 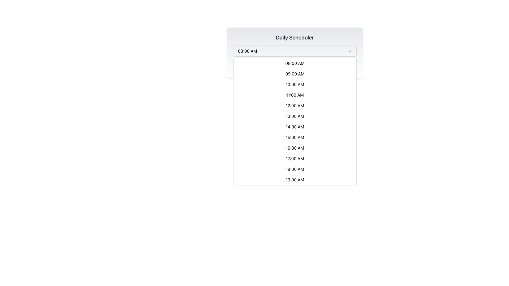 I want to click on the list item displaying '09:00 AM' in the dropdown menu, so click(x=295, y=74).